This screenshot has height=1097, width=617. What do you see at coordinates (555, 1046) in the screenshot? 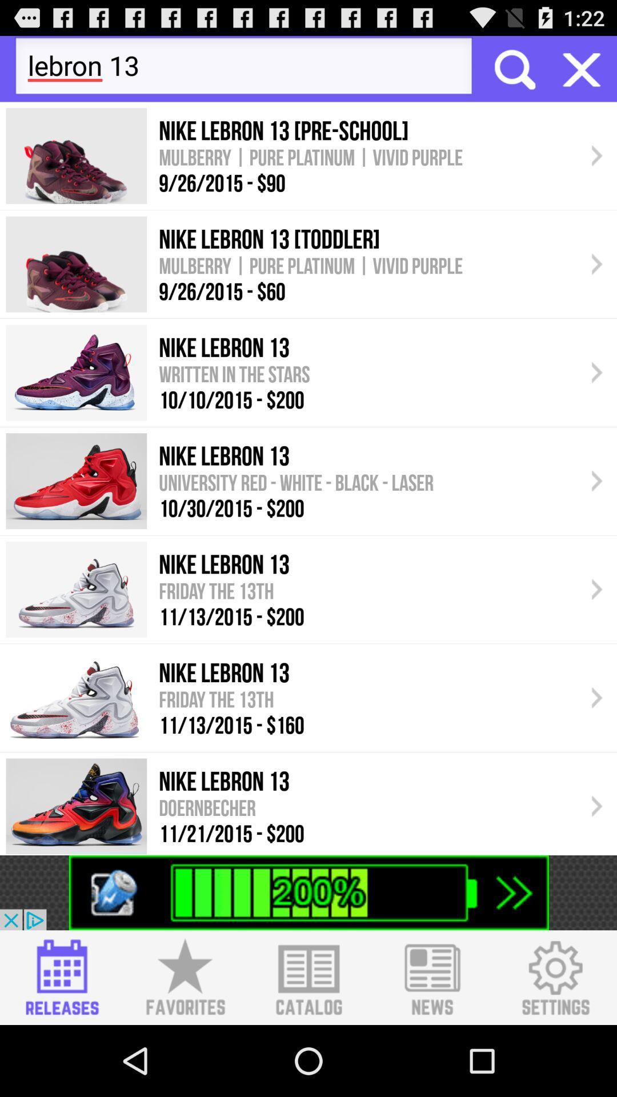
I see `the settings icon` at bounding box center [555, 1046].